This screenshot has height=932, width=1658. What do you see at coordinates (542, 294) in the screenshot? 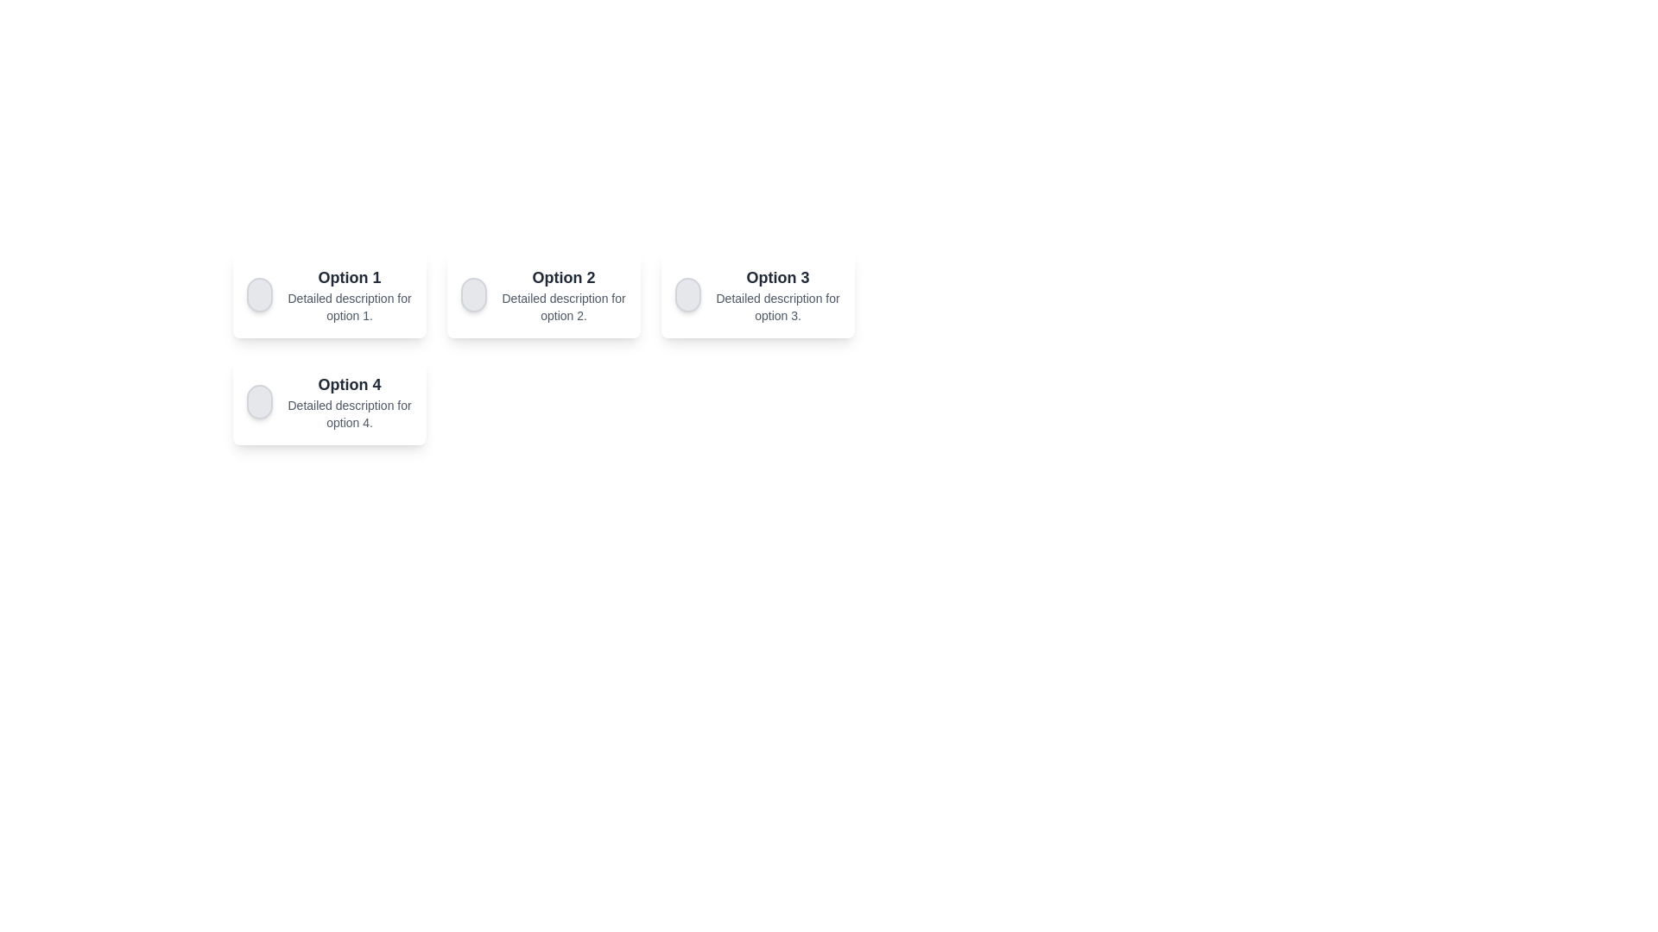
I see `the composite UI element that includes a circular button with a light gray background and a textual description titled 'Option 2' along with its detailed description, located in the top row of selectable cards` at bounding box center [542, 294].